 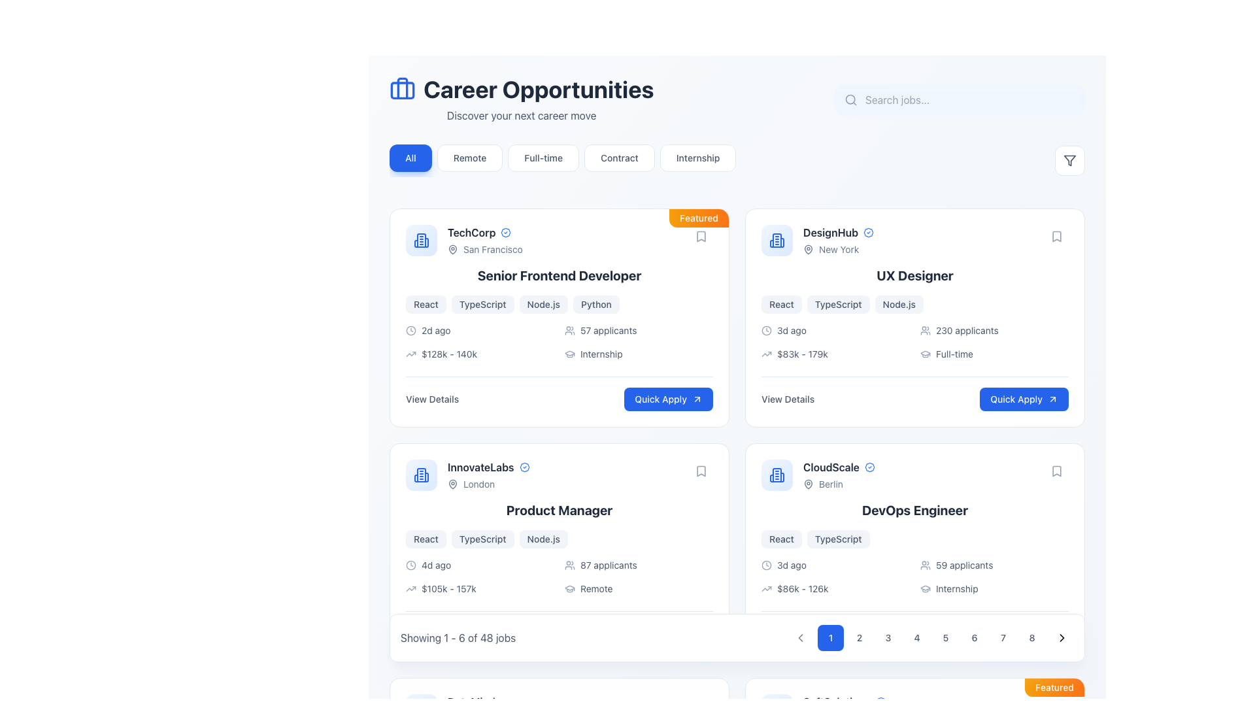 I want to click on the associated icons next to the header displaying the company name 'TechCorp' and location 'San Francisco' in the job listing card, so click(x=464, y=240).